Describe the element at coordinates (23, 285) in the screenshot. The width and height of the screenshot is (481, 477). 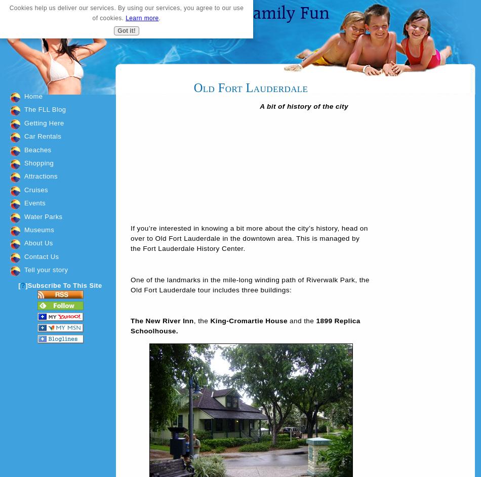
I see `'?'` at that location.